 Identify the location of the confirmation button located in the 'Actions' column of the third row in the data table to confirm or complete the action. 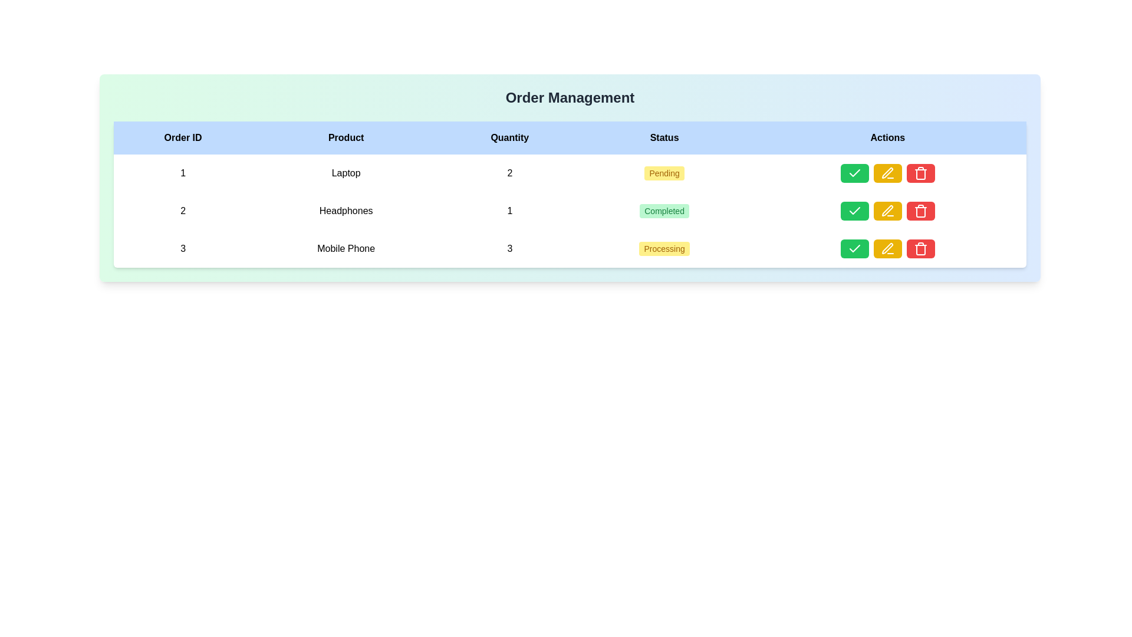
(854, 248).